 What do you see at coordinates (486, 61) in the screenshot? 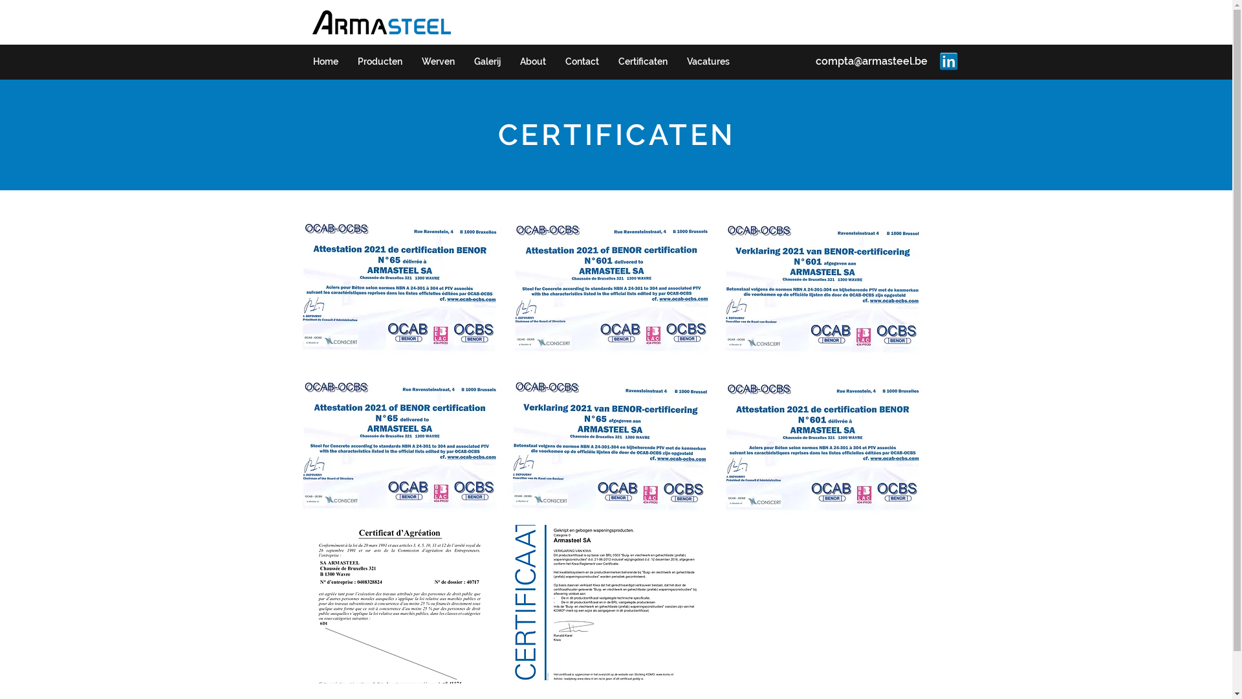
I see `'Galerij'` at bounding box center [486, 61].